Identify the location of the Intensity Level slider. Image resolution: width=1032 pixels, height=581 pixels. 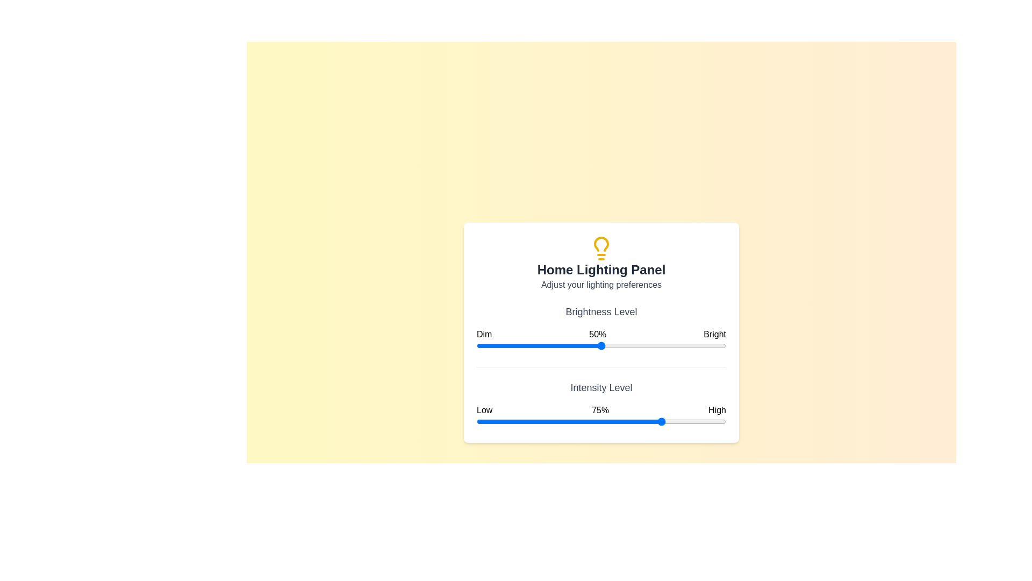
(481, 421).